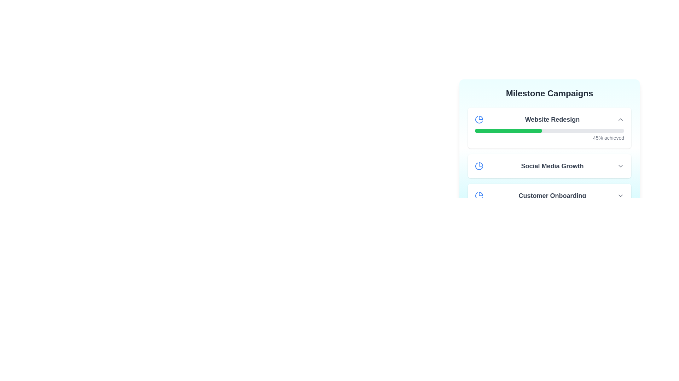 The height and width of the screenshot is (381, 679). What do you see at coordinates (620, 196) in the screenshot?
I see `the Dropdown toggle icon located at the far right of the 'Customer Onboarding' row in the 'Milestone Campaigns' section` at bounding box center [620, 196].